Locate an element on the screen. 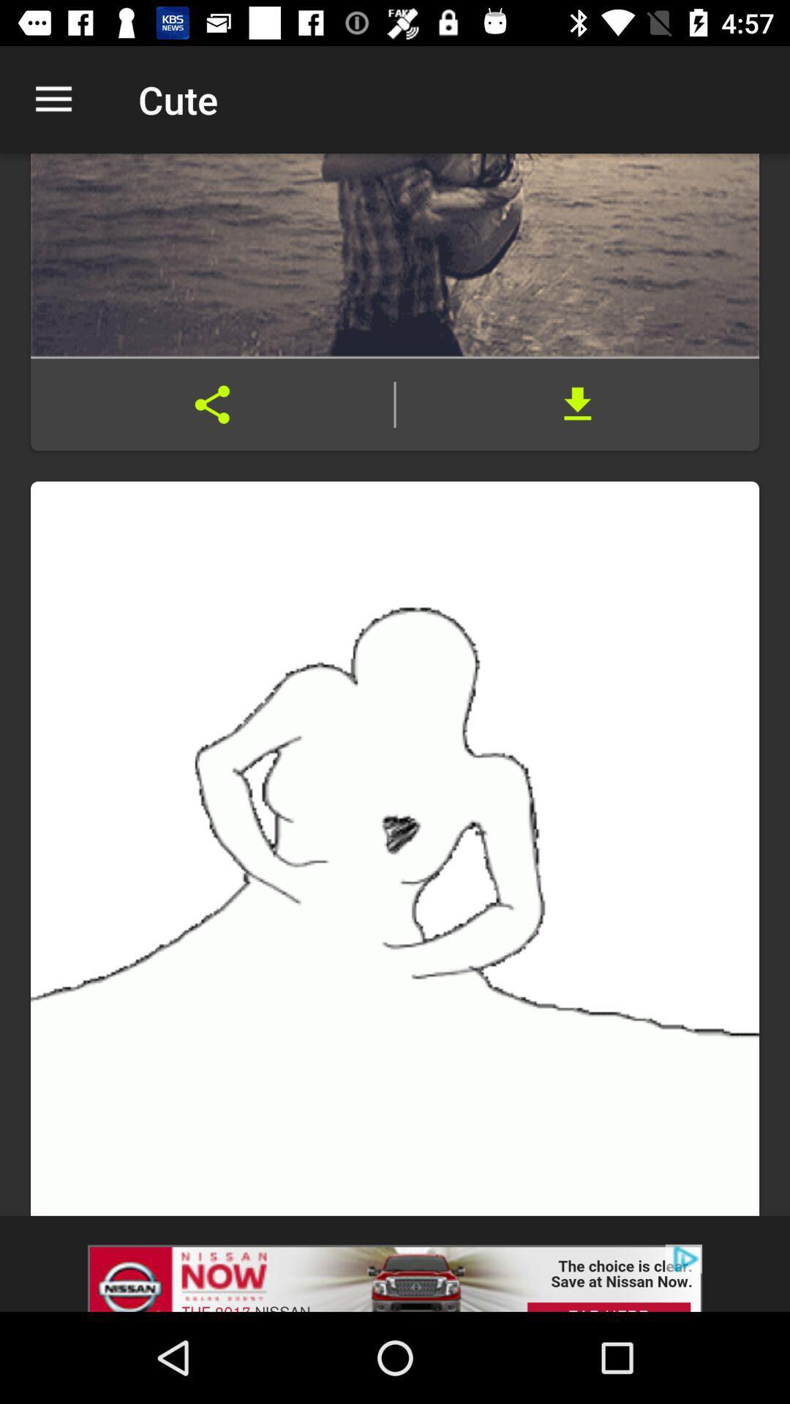  advertisement option is located at coordinates (395, 1263).